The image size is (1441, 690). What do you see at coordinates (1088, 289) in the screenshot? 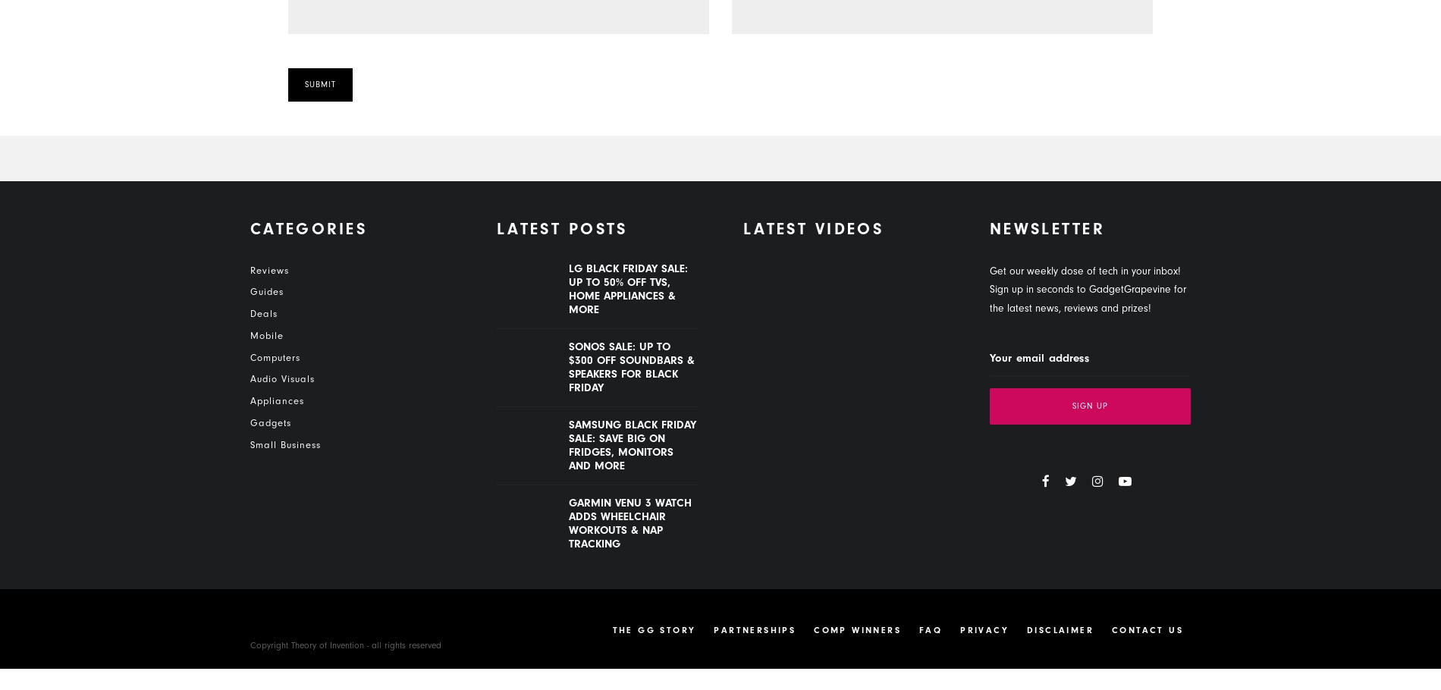
I see `'Get our weekly dose of tech in your inbox! Sign up in seconds to GadgetGrapevine for the latest news, reviews and prizes!'` at bounding box center [1088, 289].